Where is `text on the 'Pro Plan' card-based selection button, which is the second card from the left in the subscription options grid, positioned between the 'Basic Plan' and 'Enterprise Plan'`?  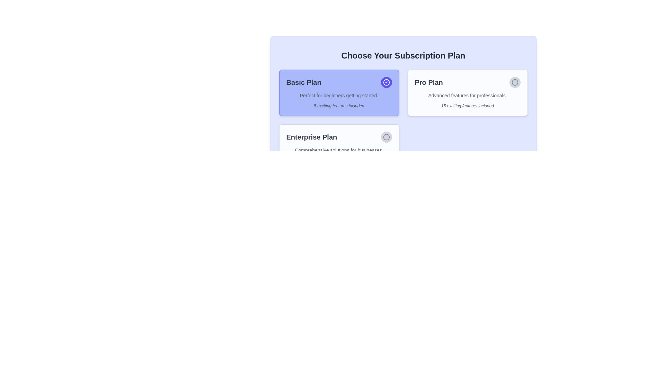
text on the 'Pro Plan' card-based selection button, which is the second card from the left in the subscription options grid, positioned between the 'Basic Plan' and 'Enterprise Plan' is located at coordinates (467, 92).